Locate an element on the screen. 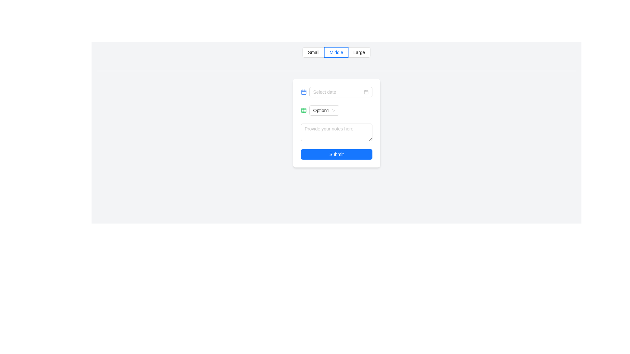 This screenshot has width=630, height=354. the date-picking icon located on the right side of the 'Select date' input field is located at coordinates (366, 92).